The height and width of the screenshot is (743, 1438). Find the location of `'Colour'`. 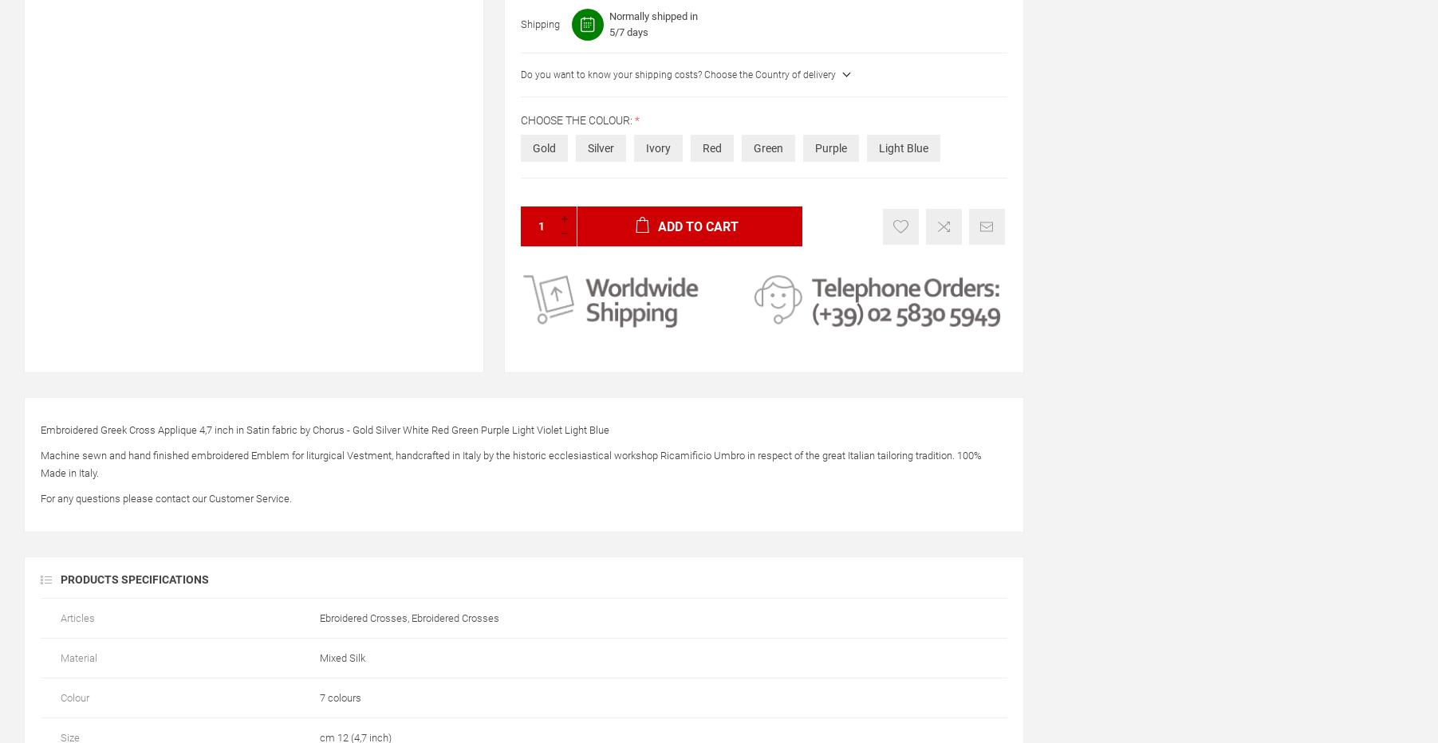

'Colour' is located at coordinates (74, 696).